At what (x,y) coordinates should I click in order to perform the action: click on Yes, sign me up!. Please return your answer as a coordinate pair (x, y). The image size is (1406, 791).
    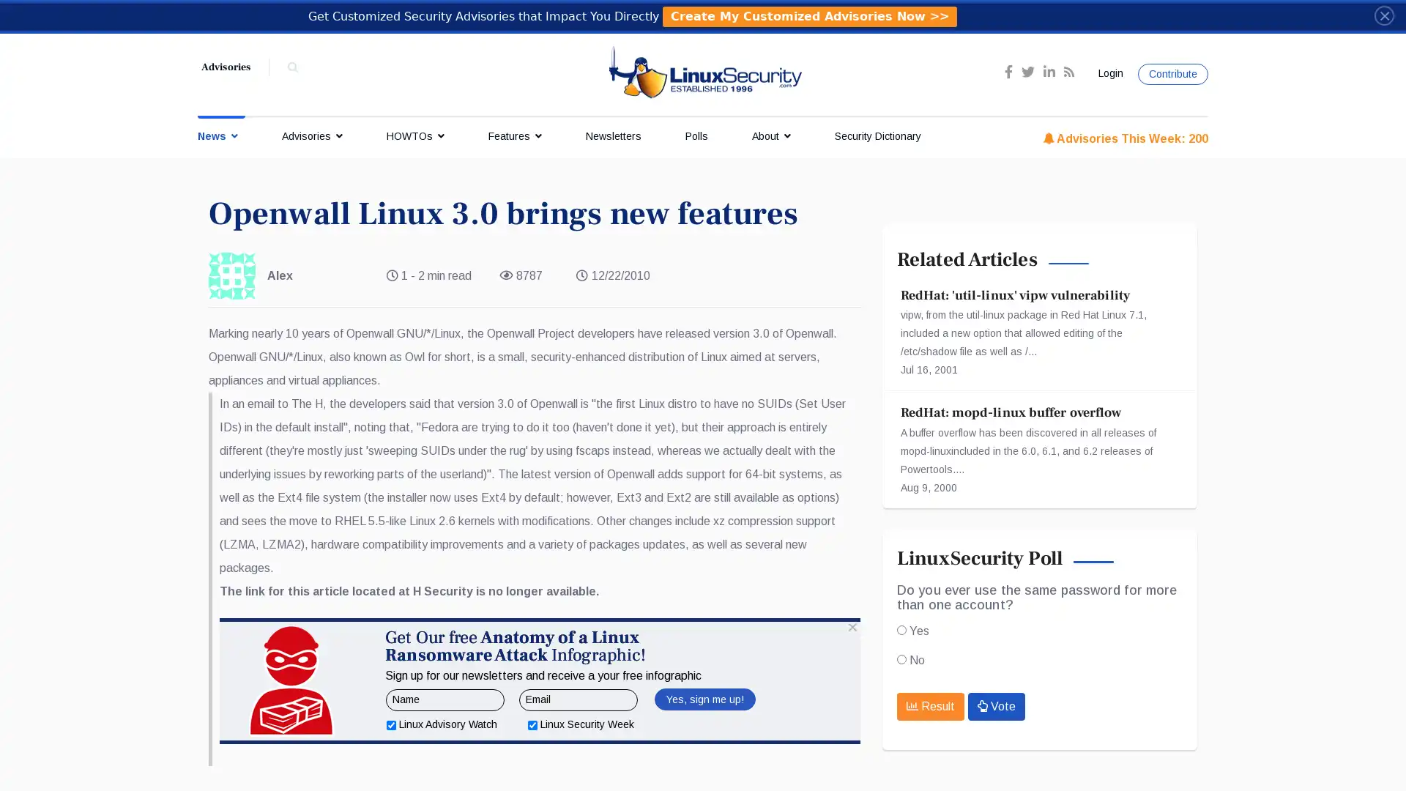
    Looking at the image, I should click on (704, 757).